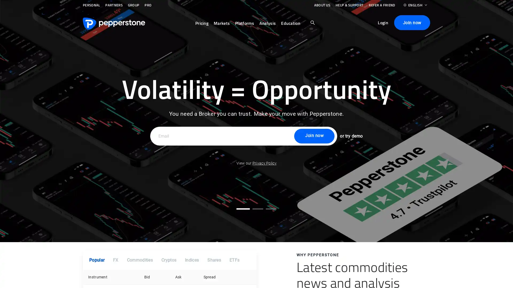  Describe the element at coordinates (243, 208) in the screenshot. I see `1` at that location.